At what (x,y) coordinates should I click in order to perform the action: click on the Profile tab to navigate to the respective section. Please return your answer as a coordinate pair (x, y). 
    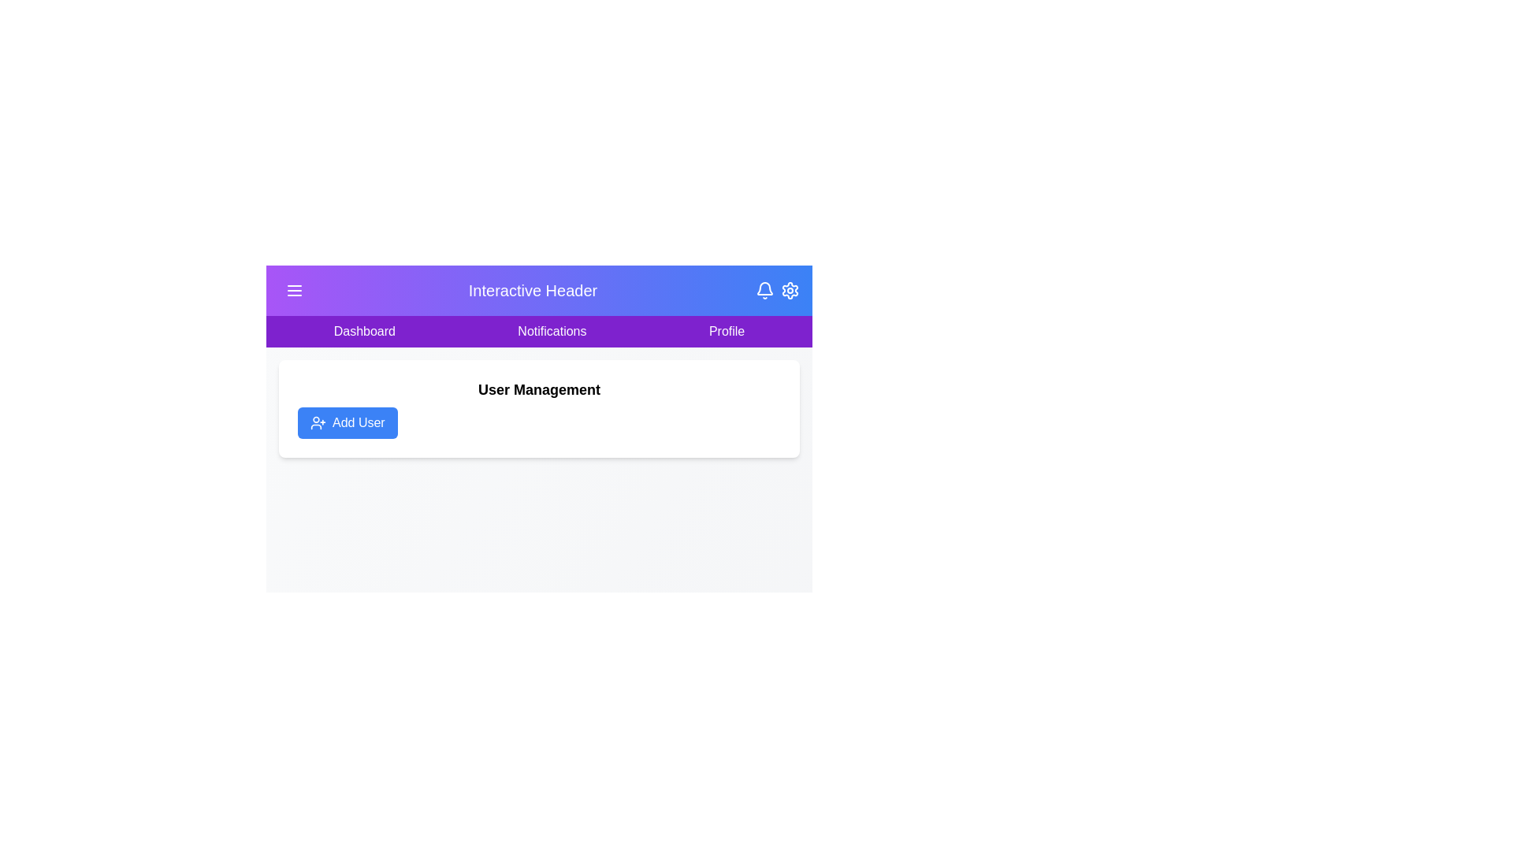
    Looking at the image, I should click on (725, 330).